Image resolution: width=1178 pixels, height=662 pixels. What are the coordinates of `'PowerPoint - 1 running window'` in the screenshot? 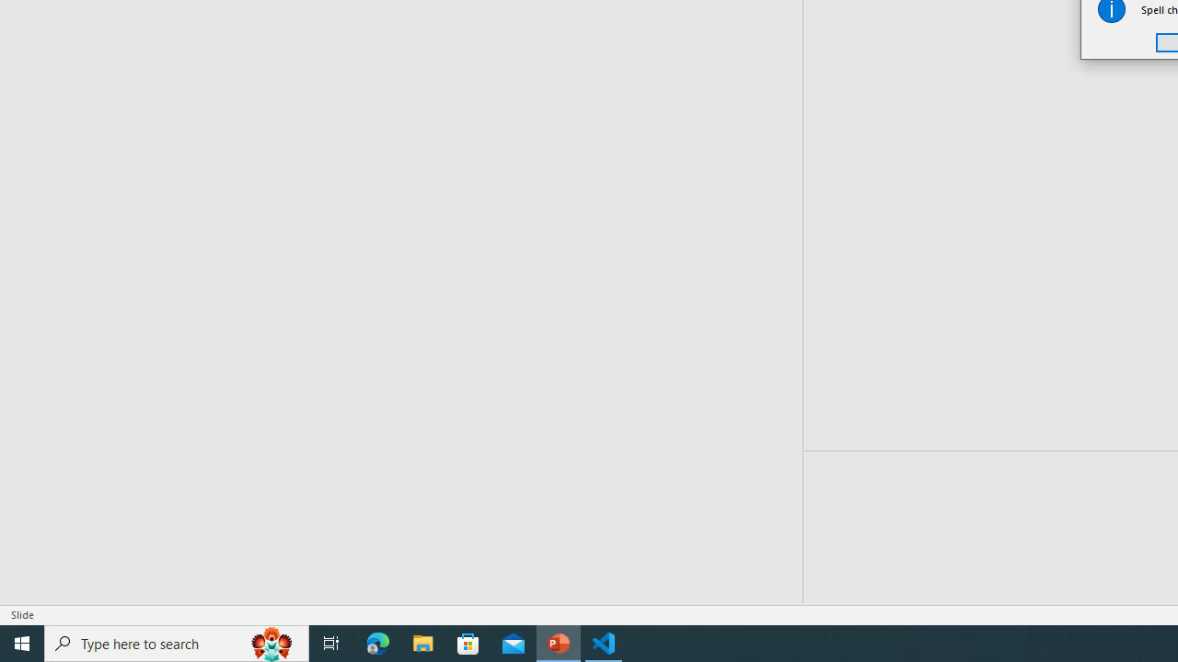 It's located at (558, 642).